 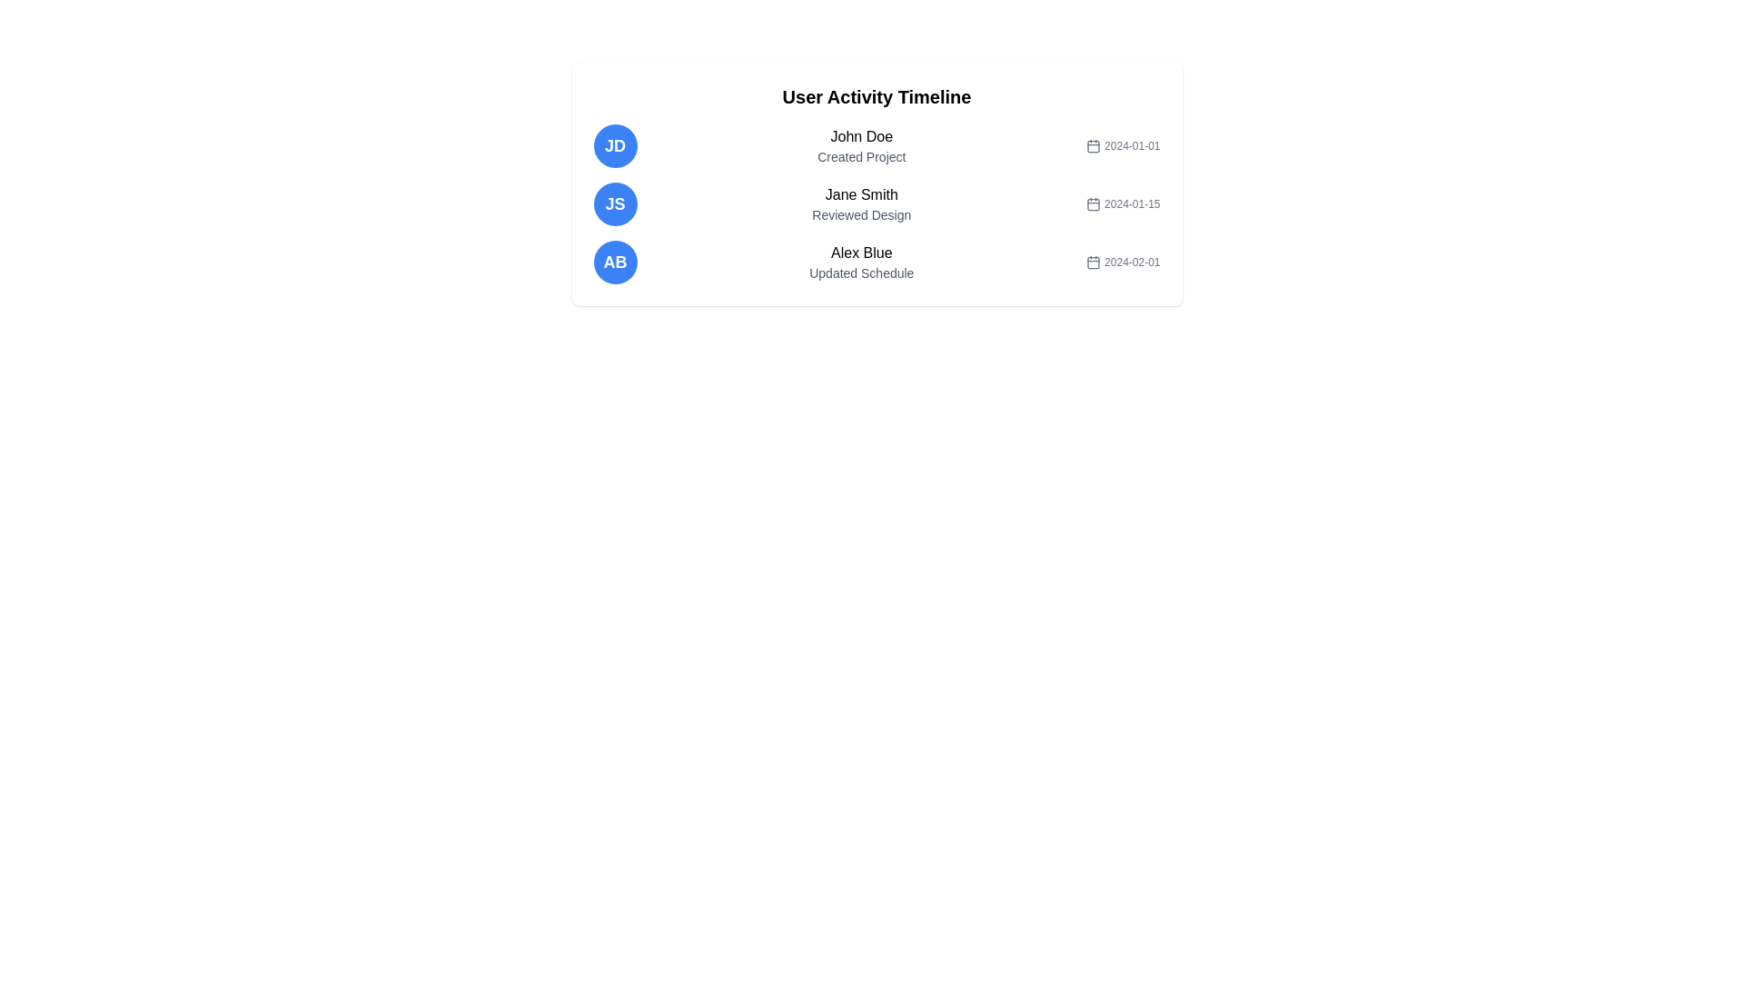 What do you see at coordinates (1093, 204) in the screenshot?
I see `the modern outline calendar icon located before the date '2024-01-15' in the second row of the activity timeline` at bounding box center [1093, 204].